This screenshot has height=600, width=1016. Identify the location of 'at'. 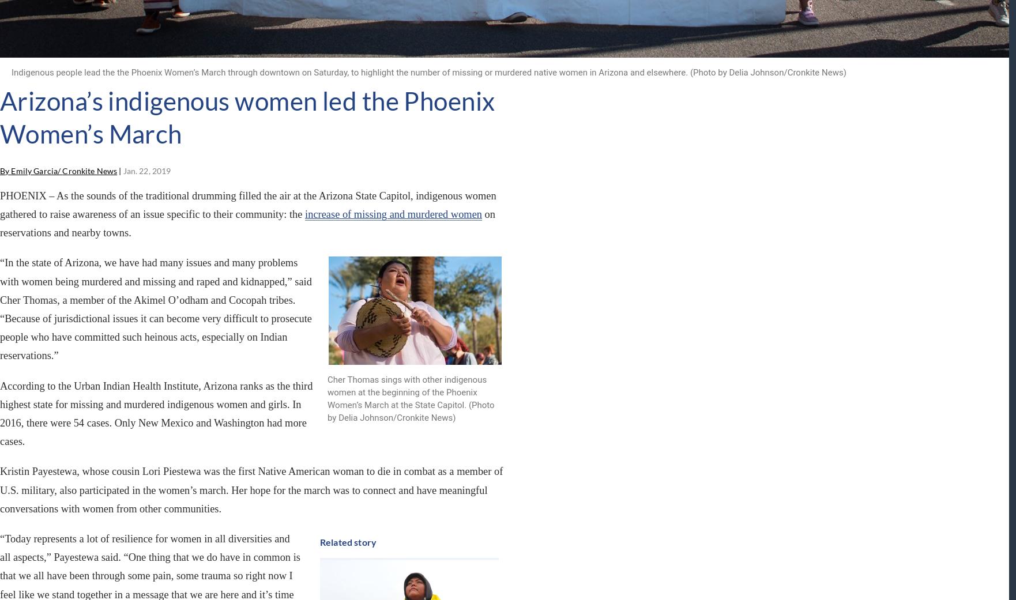
(201, 457).